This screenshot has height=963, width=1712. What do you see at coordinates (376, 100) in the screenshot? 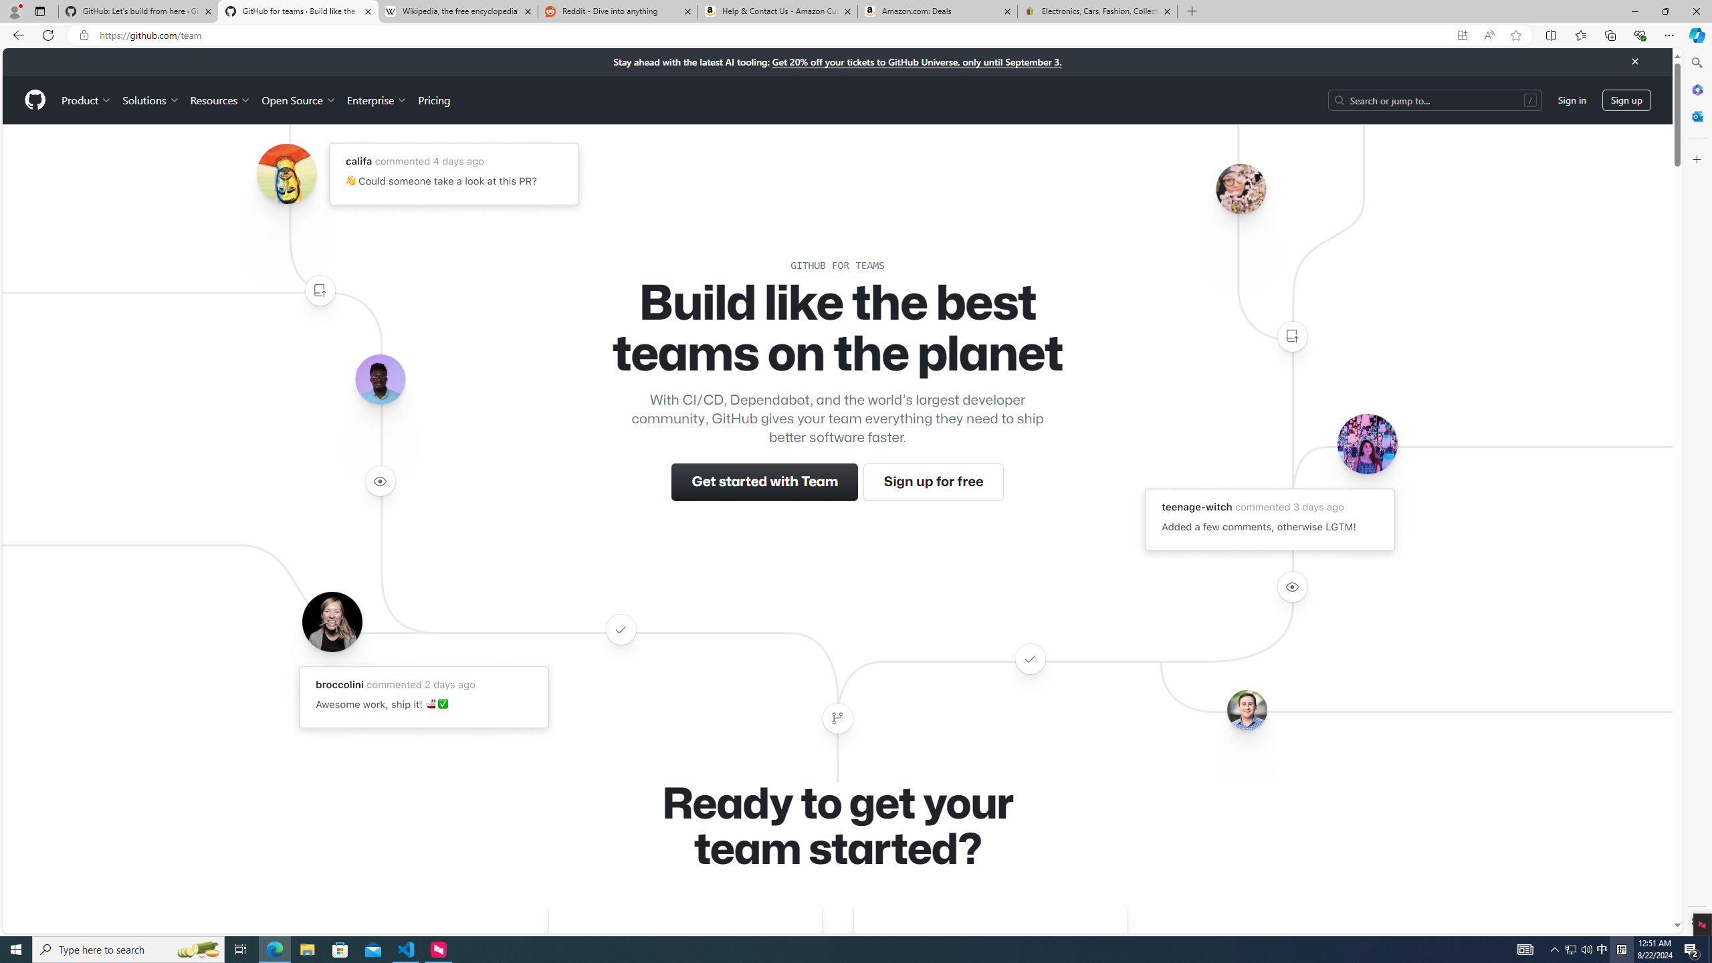
I see `'Enterprise'` at bounding box center [376, 100].